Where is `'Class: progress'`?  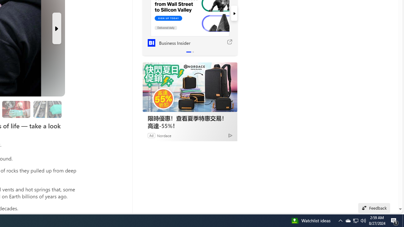 'Class: progress' is located at coordinates (47, 108).